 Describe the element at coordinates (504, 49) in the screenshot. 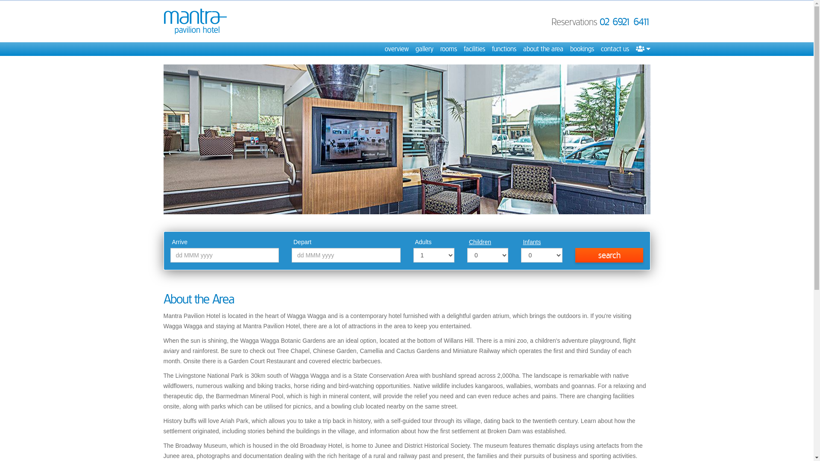

I see `'functions'` at that location.